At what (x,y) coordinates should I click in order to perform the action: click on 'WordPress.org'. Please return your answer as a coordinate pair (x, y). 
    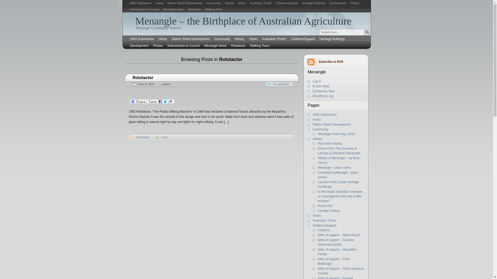
    Looking at the image, I should click on (312, 96).